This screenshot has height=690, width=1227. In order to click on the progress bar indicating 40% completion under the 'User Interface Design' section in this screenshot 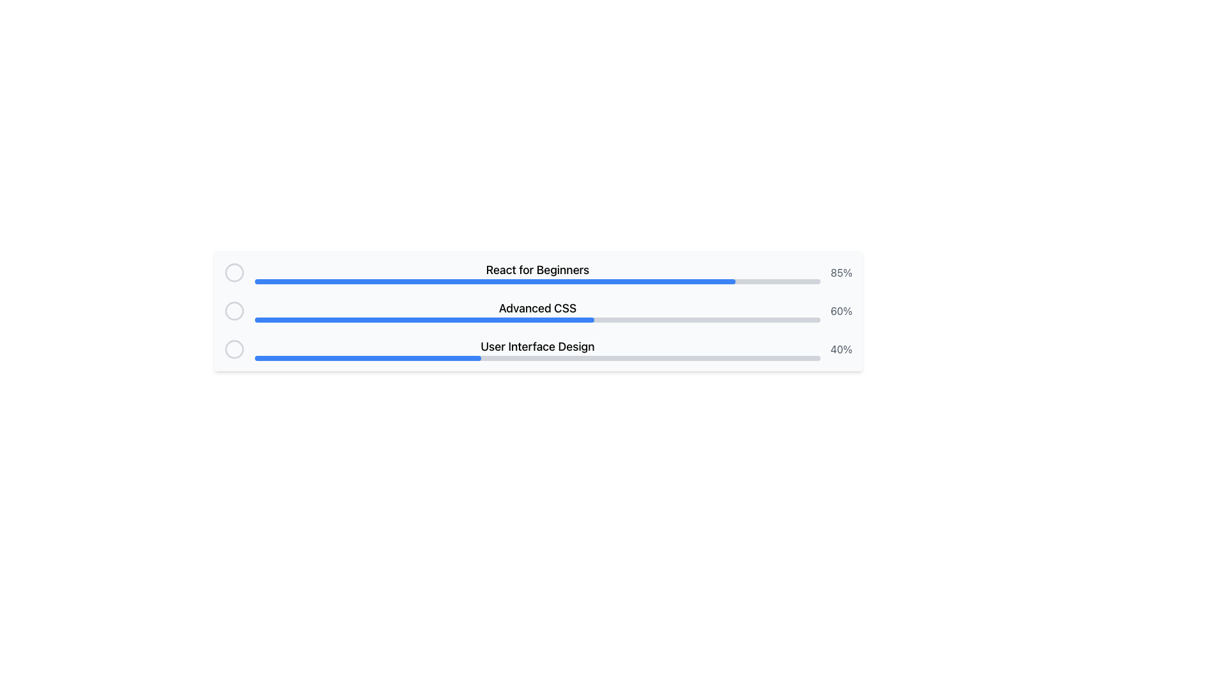, I will do `click(537, 358)`.